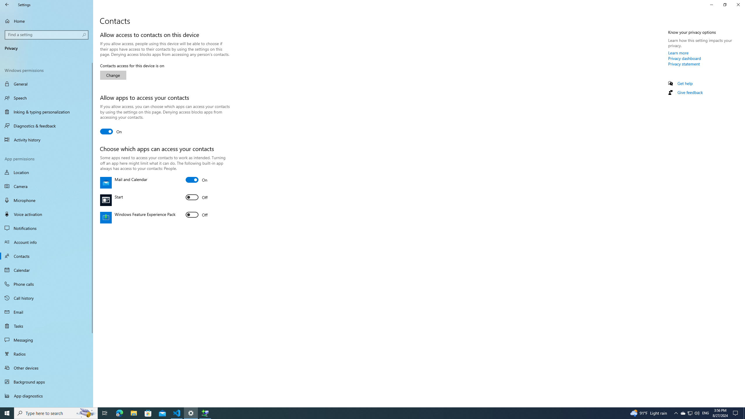 The image size is (745, 419). I want to click on 'Tasks', so click(46, 325).